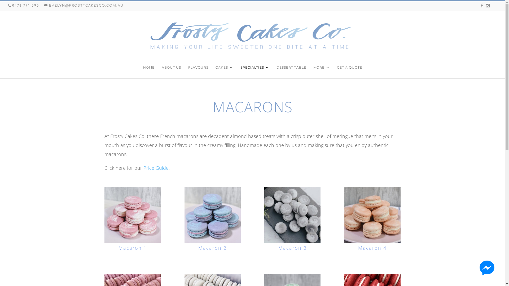 The width and height of the screenshot is (509, 286). Describe the element at coordinates (336, 72) in the screenshot. I see `'GET A QUOTE'` at that location.